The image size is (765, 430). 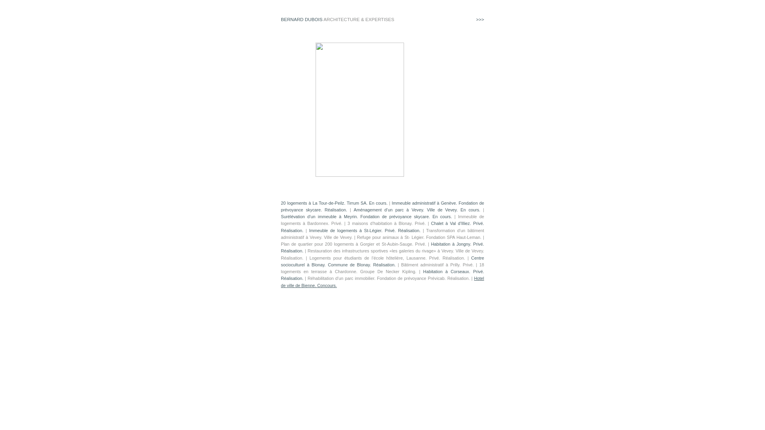 I want to click on 'Hotel de ville de Bienne. Concours.', so click(x=382, y=281).